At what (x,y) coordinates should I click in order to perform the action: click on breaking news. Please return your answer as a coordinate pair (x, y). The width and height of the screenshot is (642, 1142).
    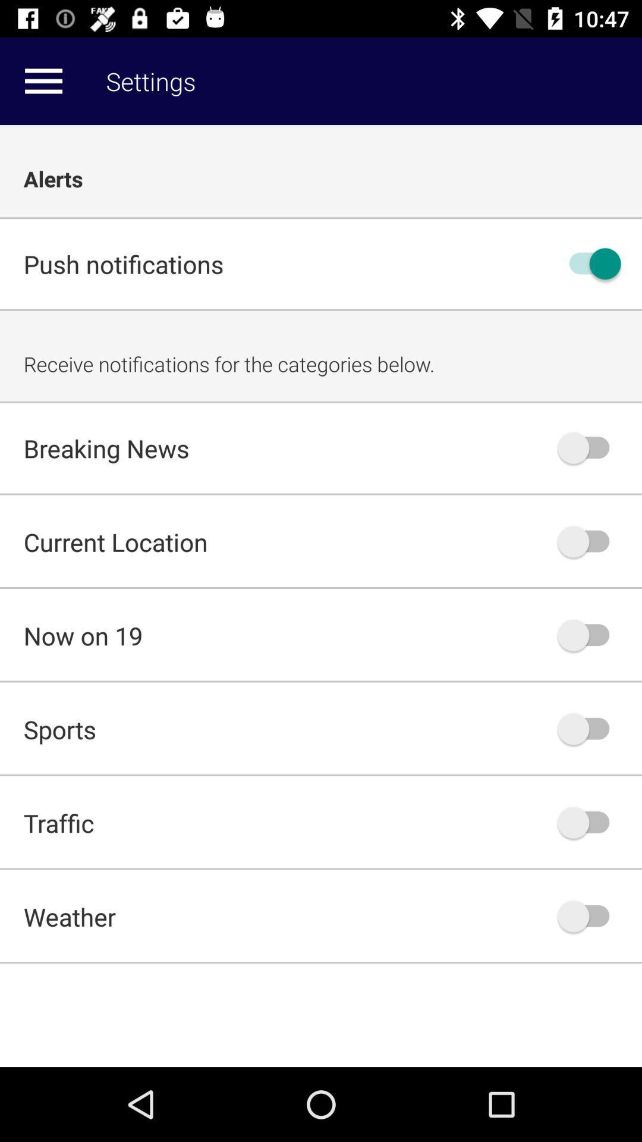
    Looking at the image, I should click on (589, 447).